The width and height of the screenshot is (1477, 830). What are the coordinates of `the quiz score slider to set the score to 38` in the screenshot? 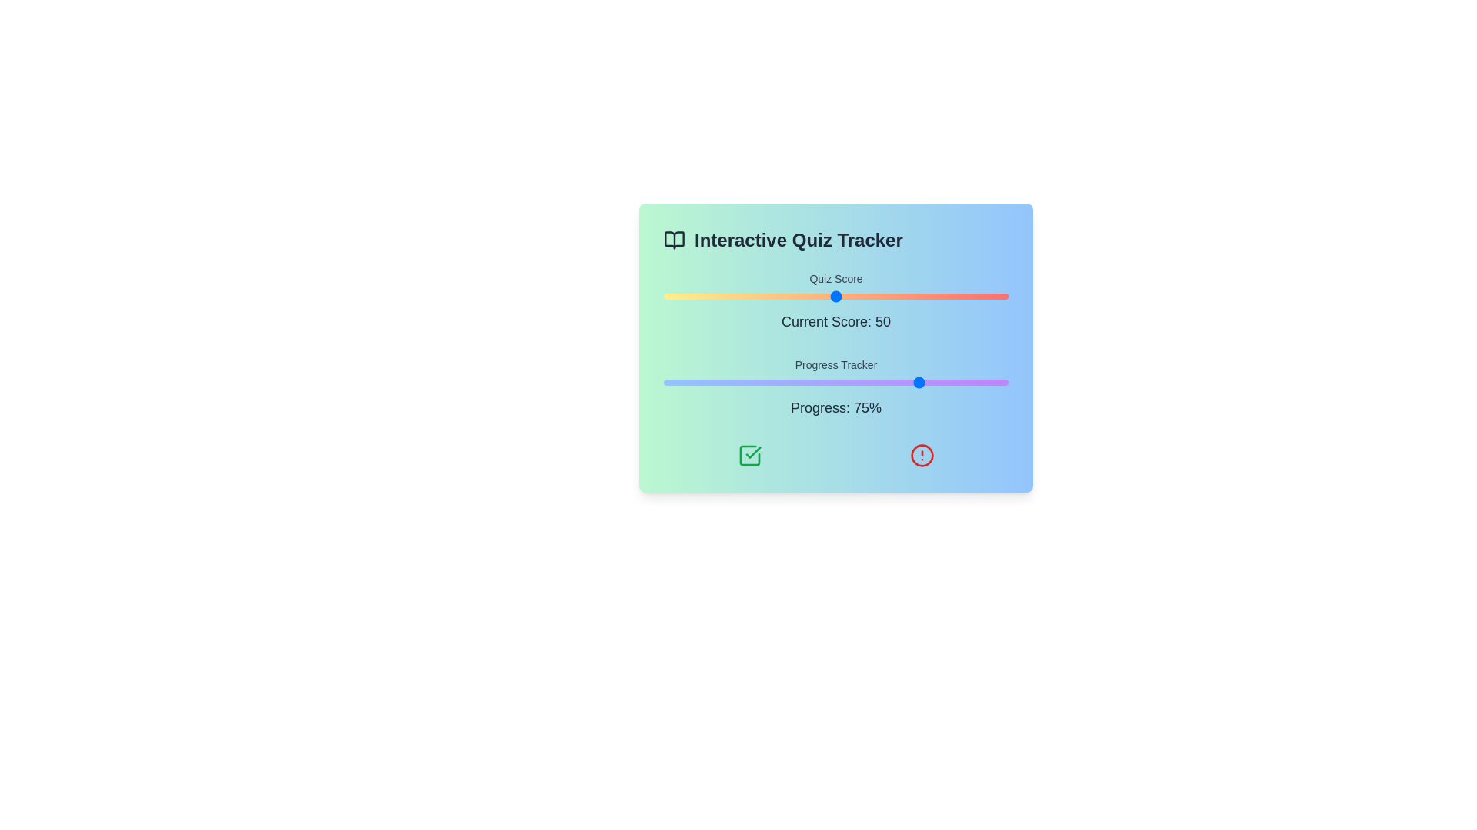 It's located at (795, 296).